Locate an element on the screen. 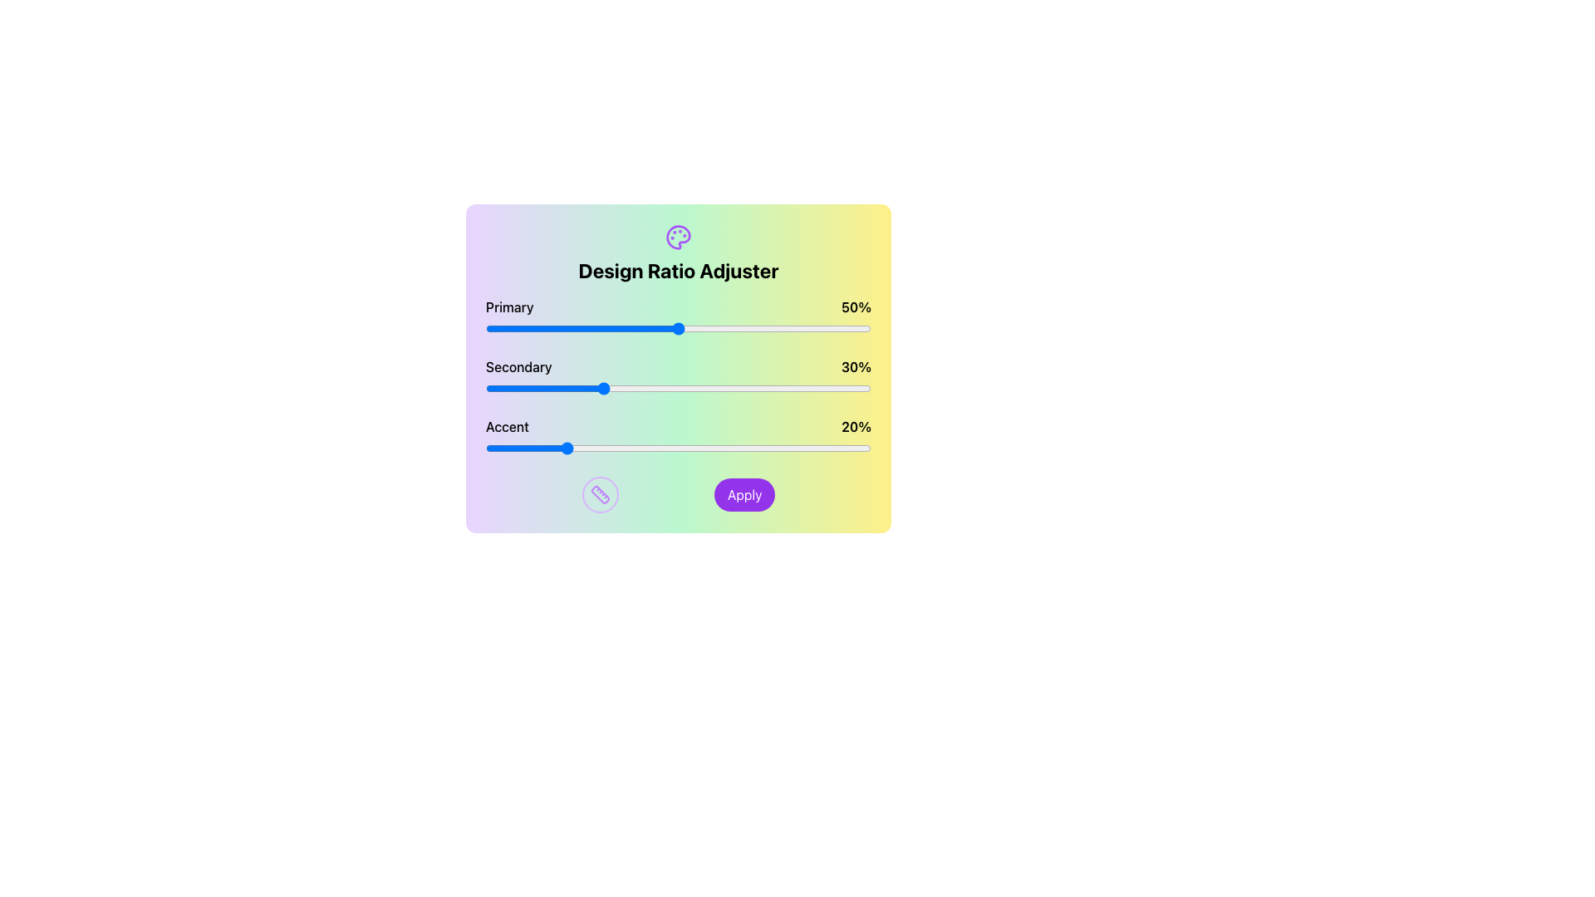 Image resolution: width=1595 pixels, height=897 pixels. the sliders in the Interactive adjustment box is located at coordinates (678, 367).